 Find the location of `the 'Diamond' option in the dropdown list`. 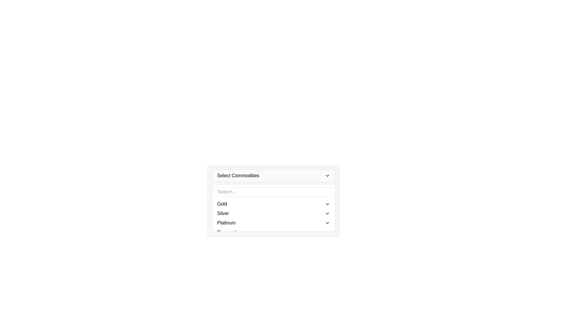

the 'Diamond' option in the dropdown list is located at coordinates (226, 232).